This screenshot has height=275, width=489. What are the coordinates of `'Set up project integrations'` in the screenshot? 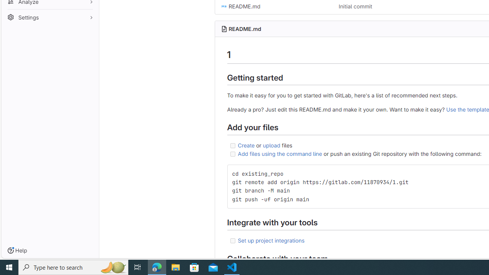 It's located at (271, 239).